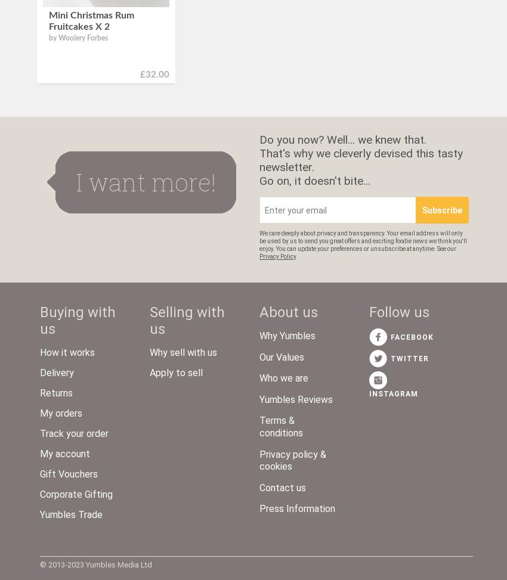 The image size is (507, 580). Describe the element at coordinates (281, 426) in the screenshot. I see `'Terms & conditions'` at that location.